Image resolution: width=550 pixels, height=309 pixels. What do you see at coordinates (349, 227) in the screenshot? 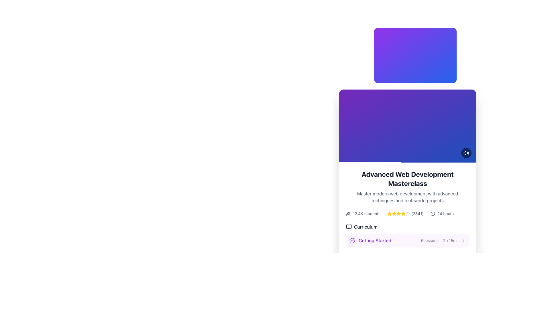
I see `the 'Curriculum' icon located near the top-left corner of the content box, to the left of the text labeled 'Curriculum'` at bounding box center [349, 227].